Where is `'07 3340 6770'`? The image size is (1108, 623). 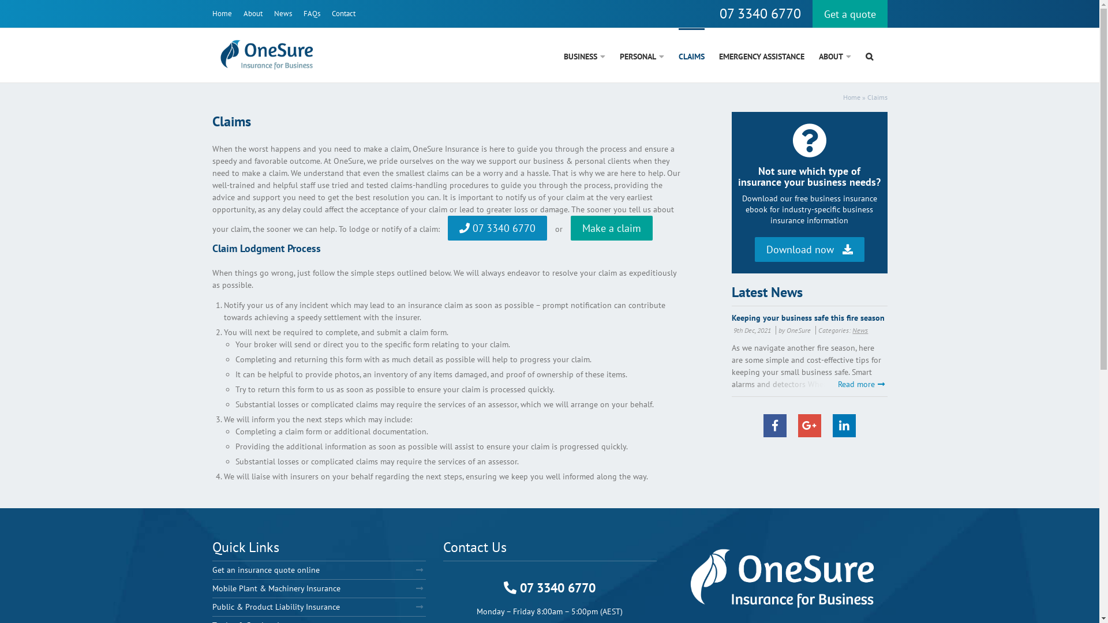 '07 3340 6770' is located at coordinates (759, 13).